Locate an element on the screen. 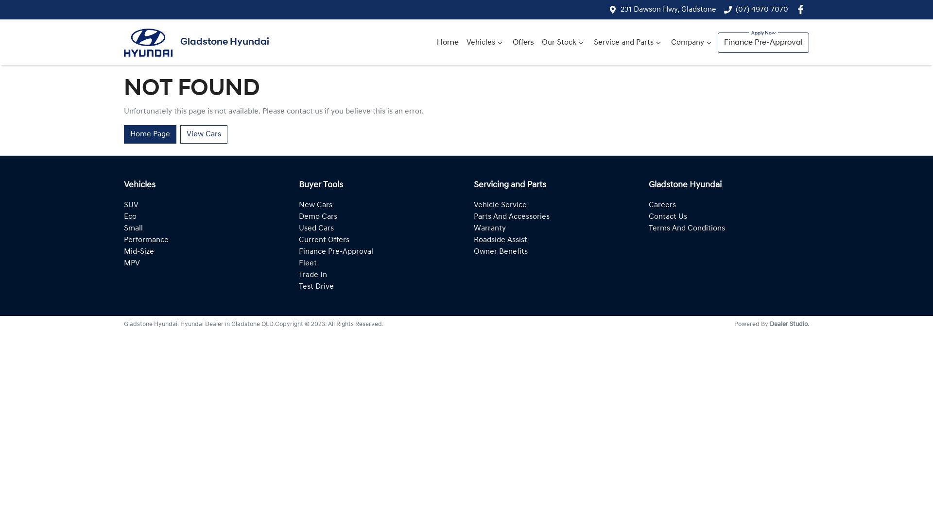  'Used Cars' is located at coordinates (316, 228).